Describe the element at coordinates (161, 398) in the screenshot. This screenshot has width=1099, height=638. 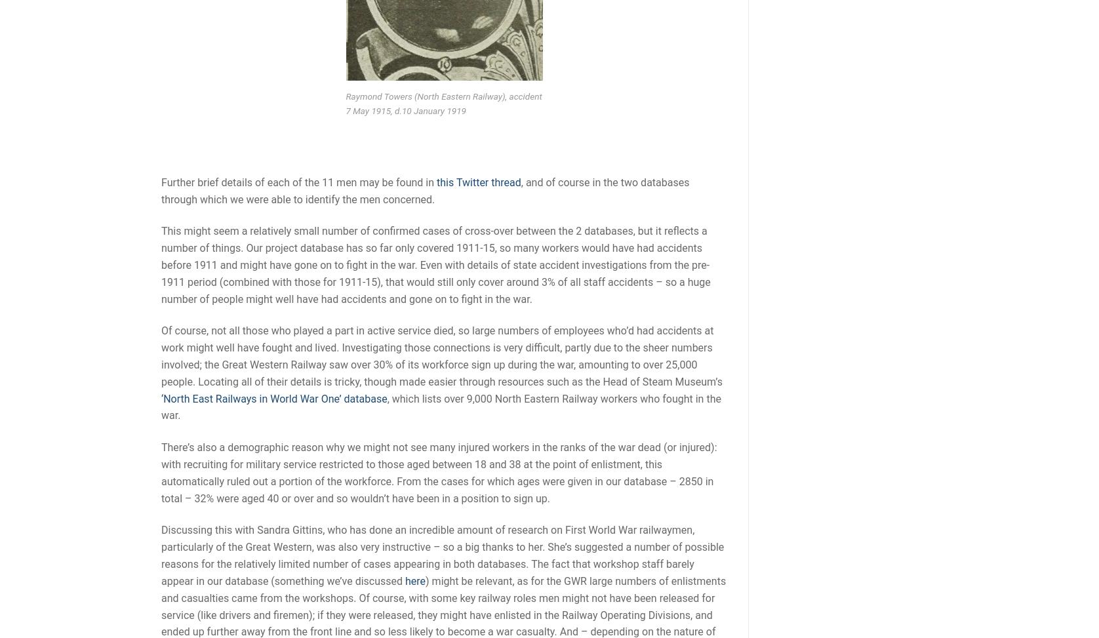
I see `'‘North East Railways in World War One’ database'` at that location.